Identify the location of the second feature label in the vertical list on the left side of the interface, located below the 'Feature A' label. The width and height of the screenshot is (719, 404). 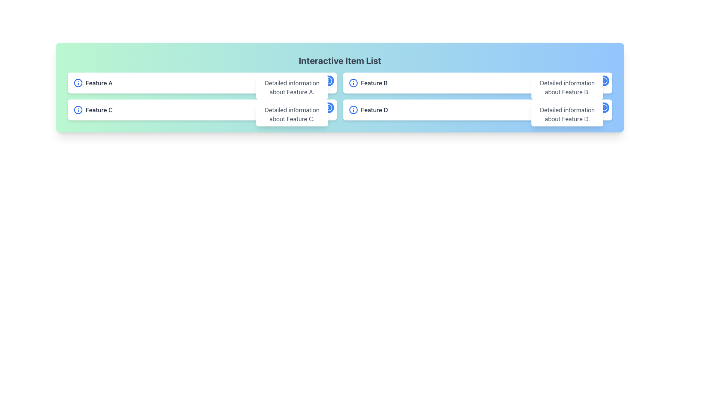
(98, 110).